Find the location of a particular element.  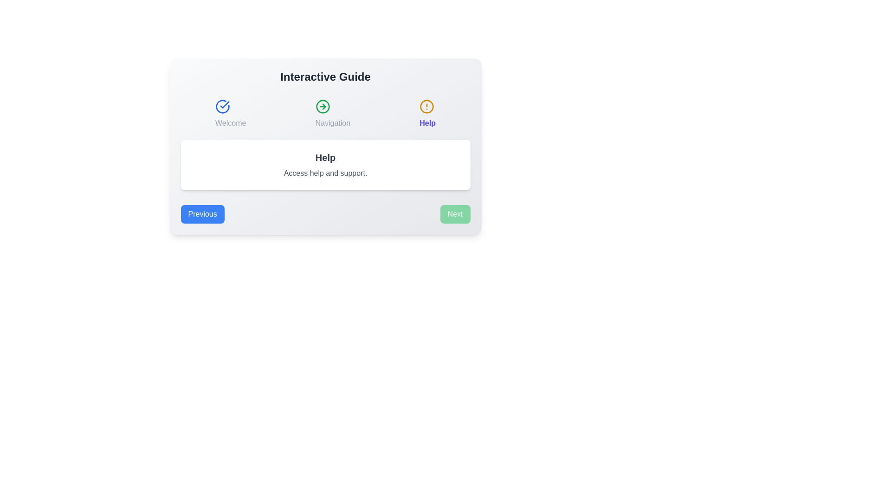

the yellow circular alert icon with an exclamation mark, located to the right of the 'Navigation' text in the interface header is located at coordinates (426, 106).